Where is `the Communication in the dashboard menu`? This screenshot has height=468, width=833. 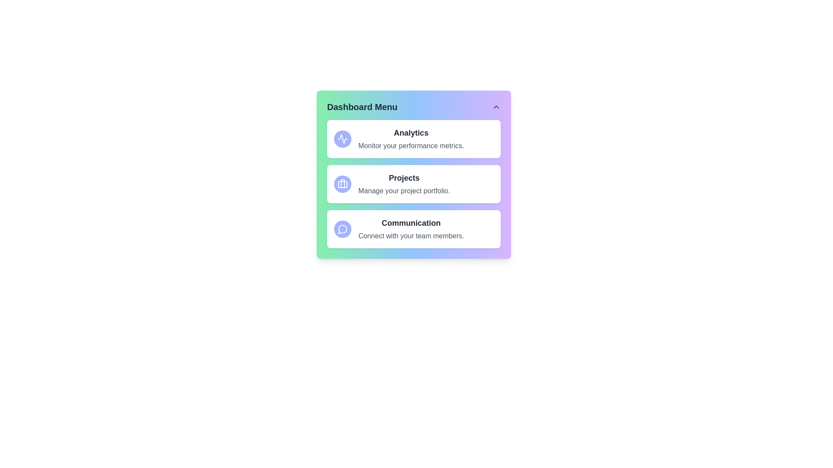 the Communication in the dashboard menu is located at coordinates (342, 228).